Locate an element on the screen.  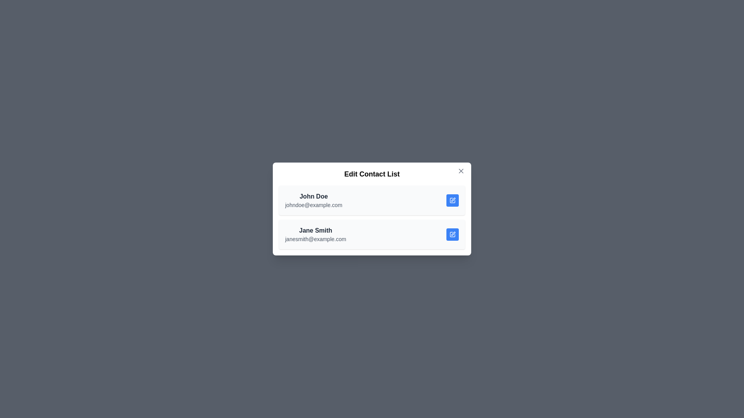
the close button to dismiss the editor is located at coordinates (461, 171).